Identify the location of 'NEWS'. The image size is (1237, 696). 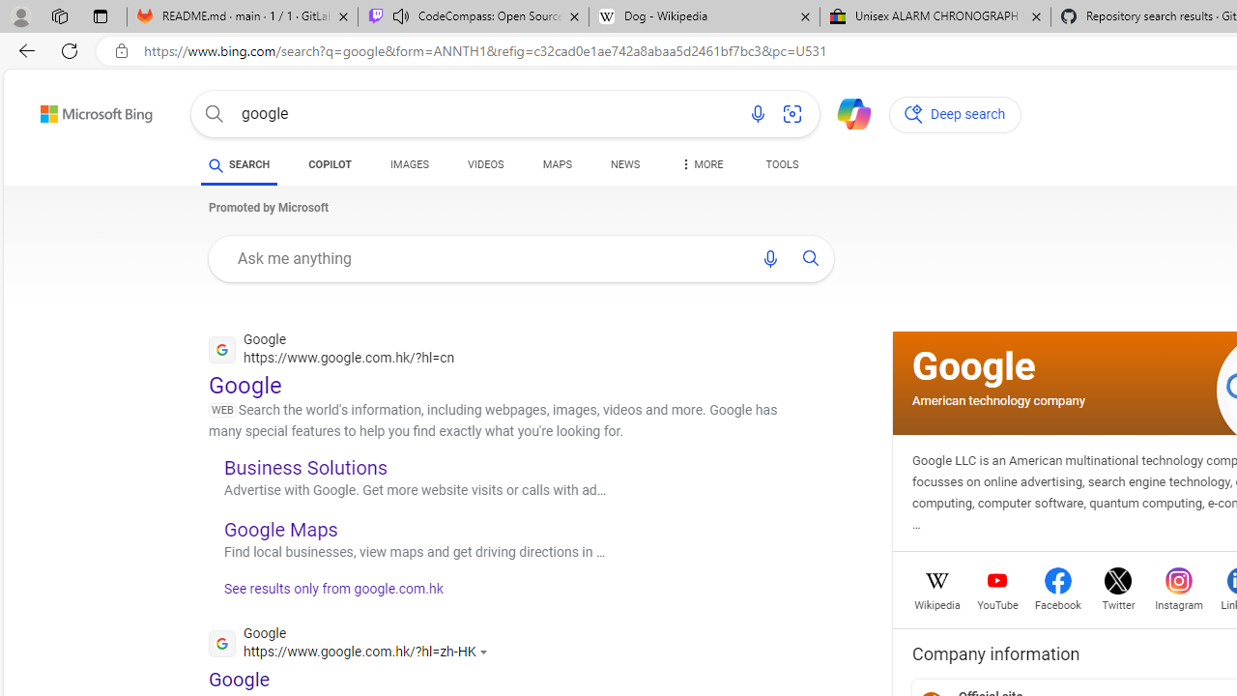
(625, 164).